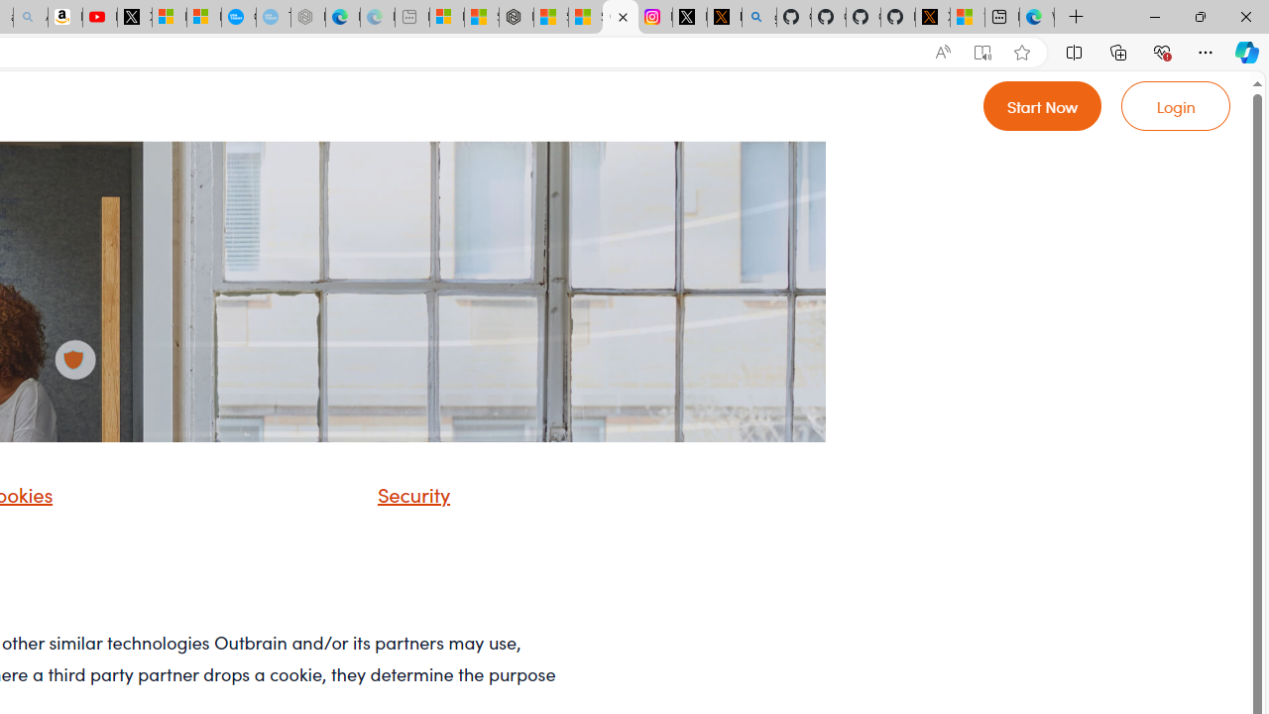  I want to click on 'Go to Register', so click(1041, 105).